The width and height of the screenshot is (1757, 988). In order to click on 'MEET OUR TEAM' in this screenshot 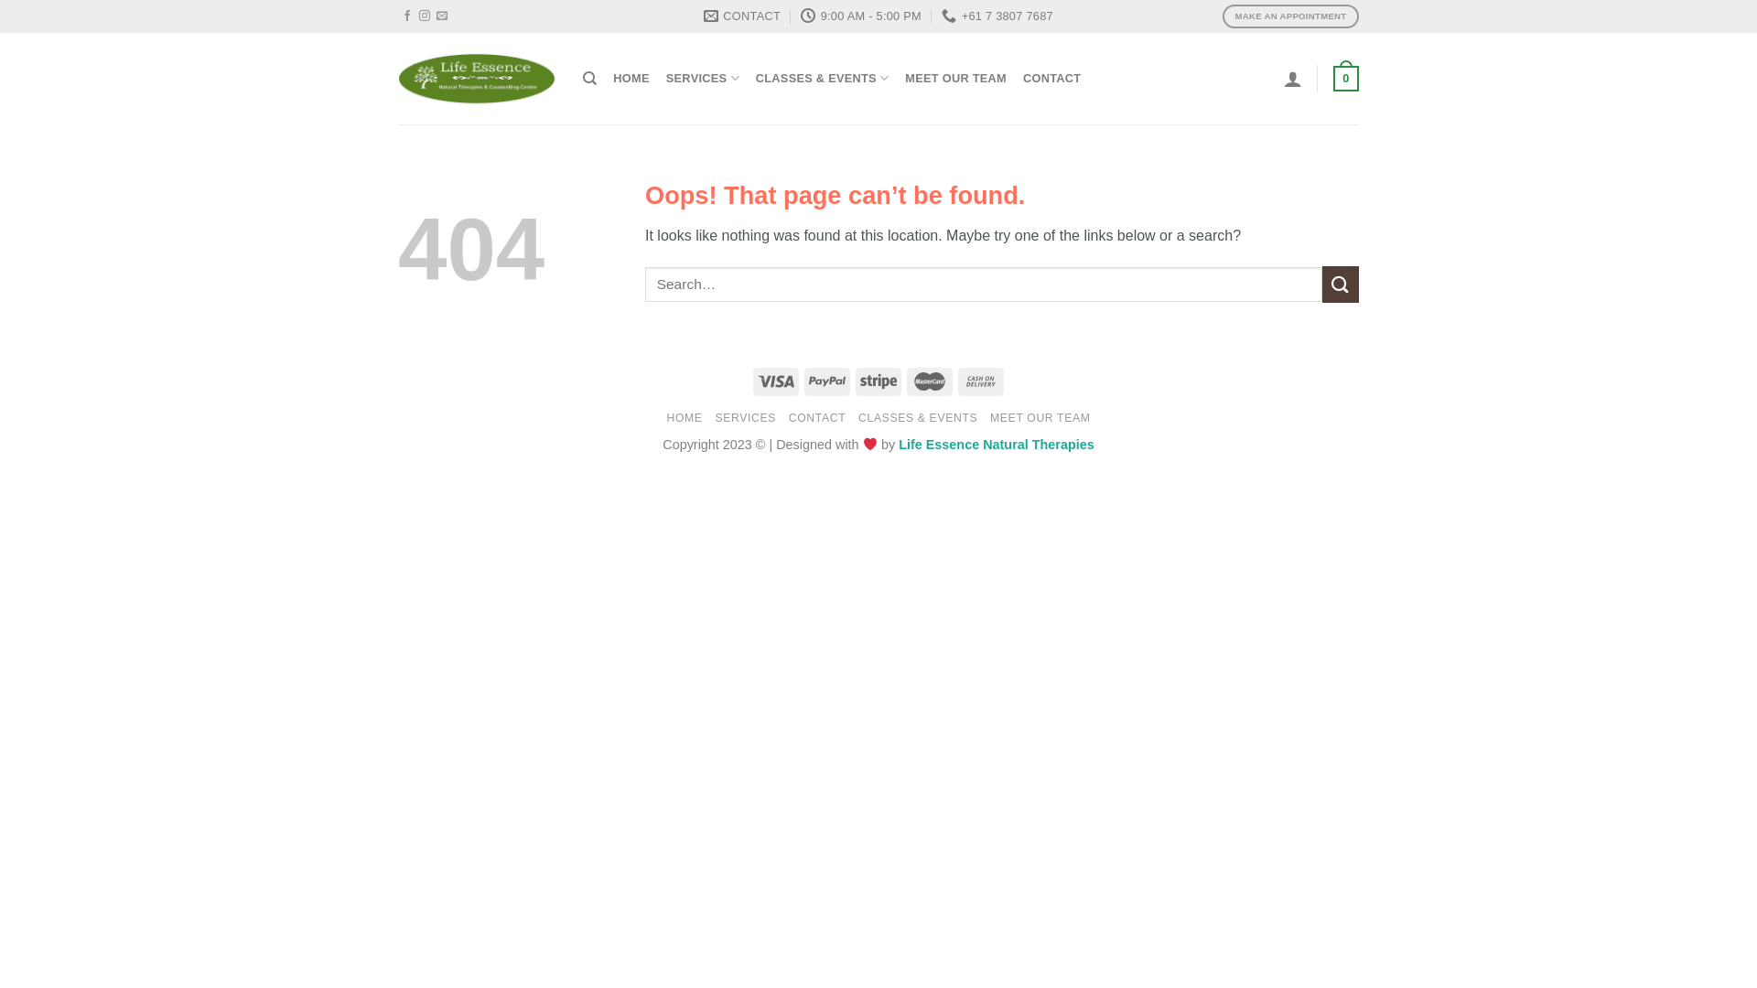, I will do `click(954, 77)`.